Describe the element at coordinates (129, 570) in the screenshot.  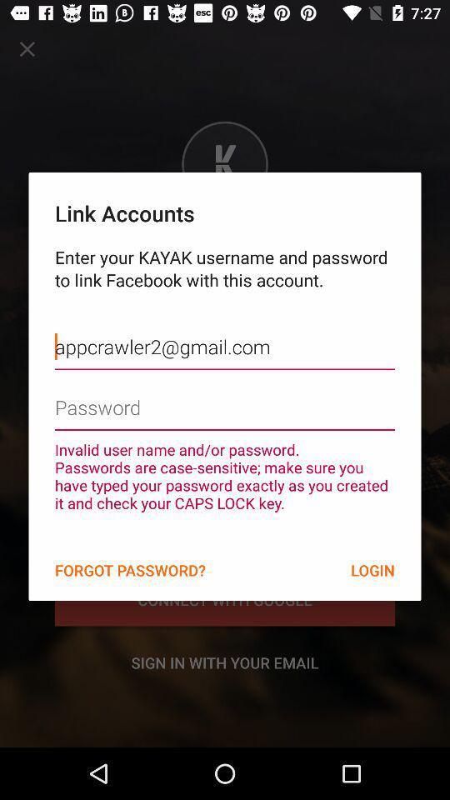
I see `forgot password? icon` at that location.